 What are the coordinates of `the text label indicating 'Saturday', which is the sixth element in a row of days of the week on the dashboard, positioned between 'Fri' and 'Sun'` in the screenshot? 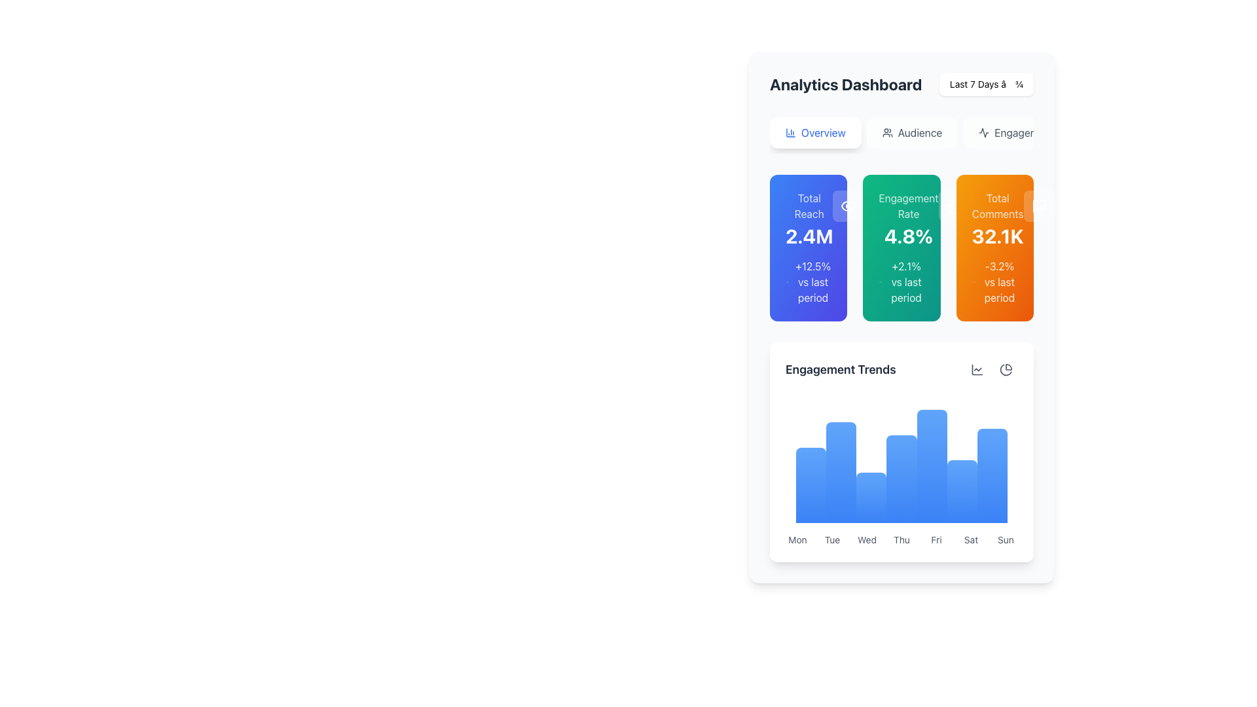 It's located at (971, 540).